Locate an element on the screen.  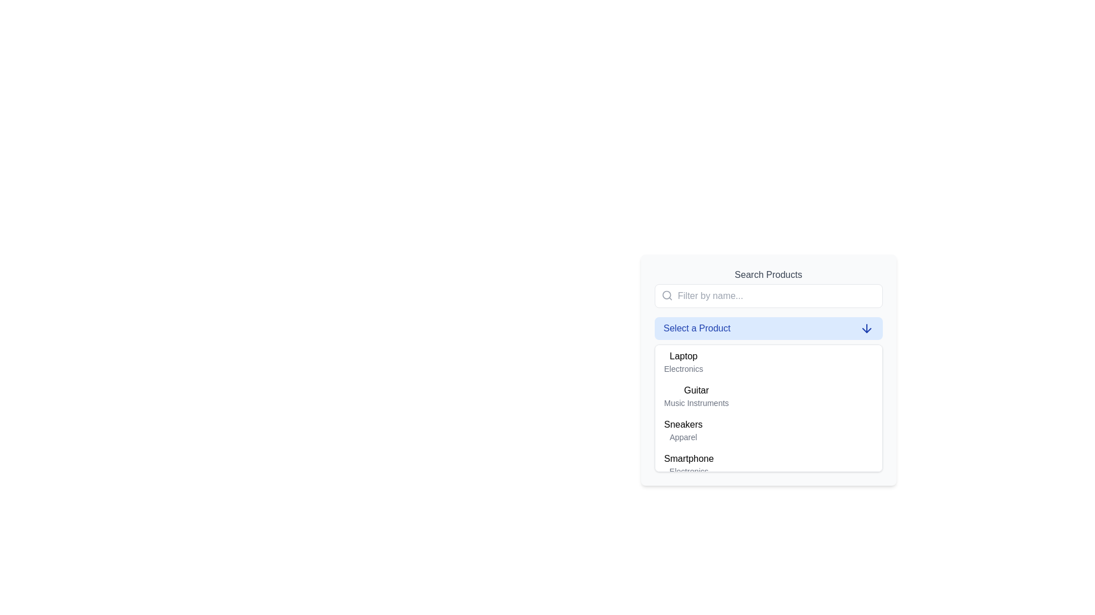
the downward arrow icon representing the dropdown indicator located at the far right of the 'Select a Product' area is located at coordinates (866, 329).